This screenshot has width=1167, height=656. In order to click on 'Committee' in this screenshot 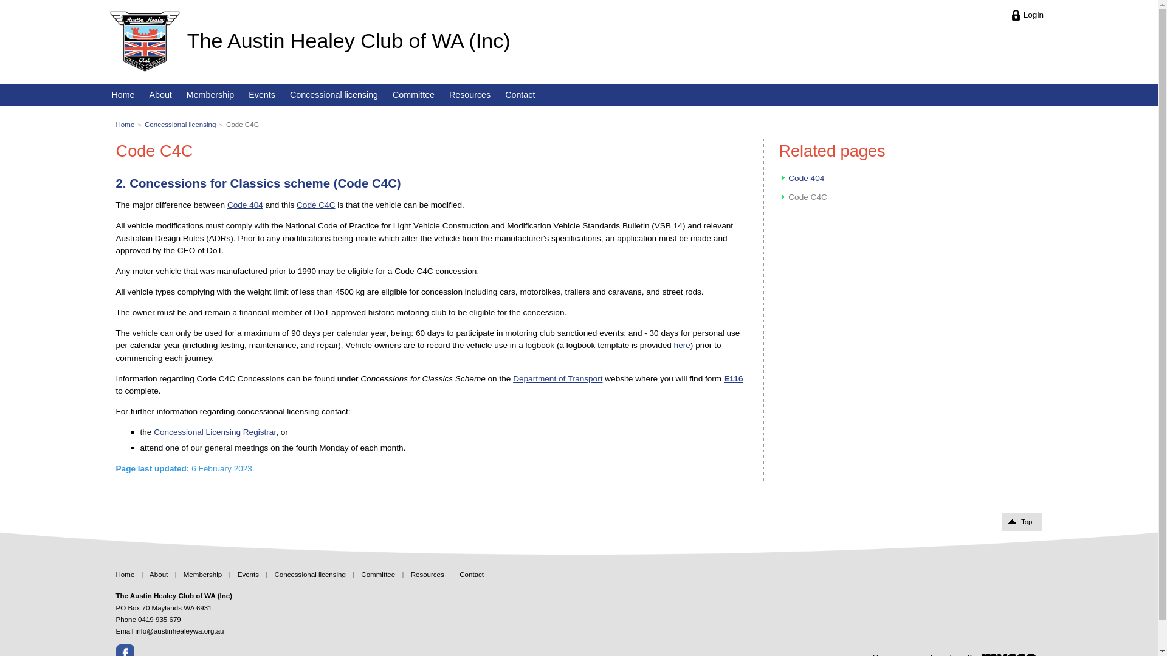, I will do `click(377, 574)`.